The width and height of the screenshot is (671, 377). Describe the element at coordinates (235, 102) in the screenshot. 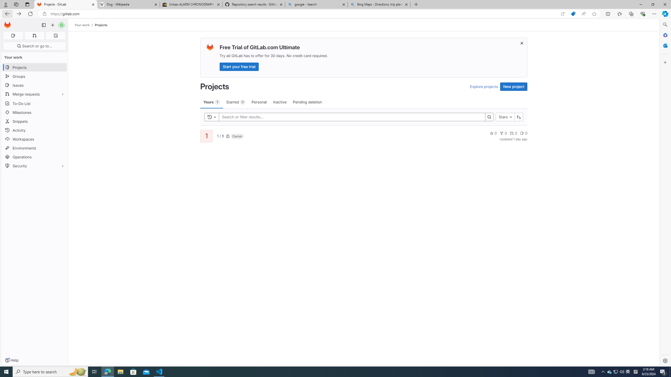

I see `'Starred 0'` at that location.